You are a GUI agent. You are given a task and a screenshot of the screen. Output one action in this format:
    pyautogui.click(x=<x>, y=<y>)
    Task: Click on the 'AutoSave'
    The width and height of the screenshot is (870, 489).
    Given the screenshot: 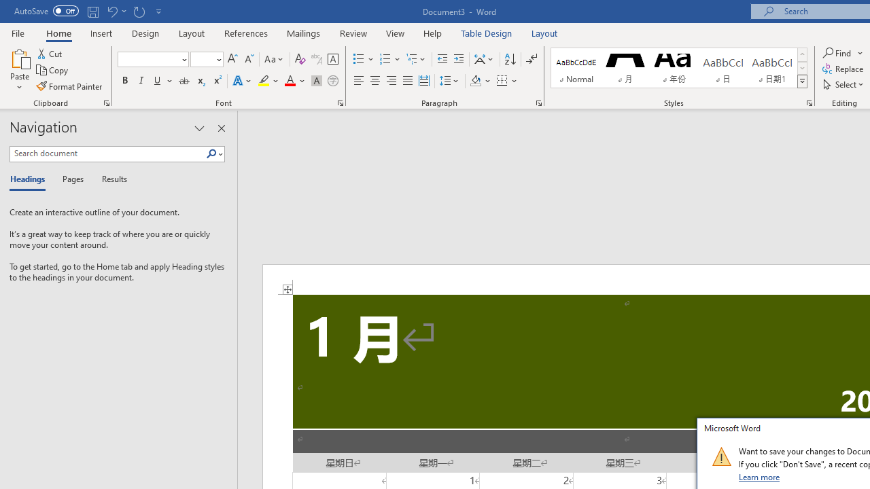 What is the action you would take?
    pyautogui.click(x=46, y=11)
    